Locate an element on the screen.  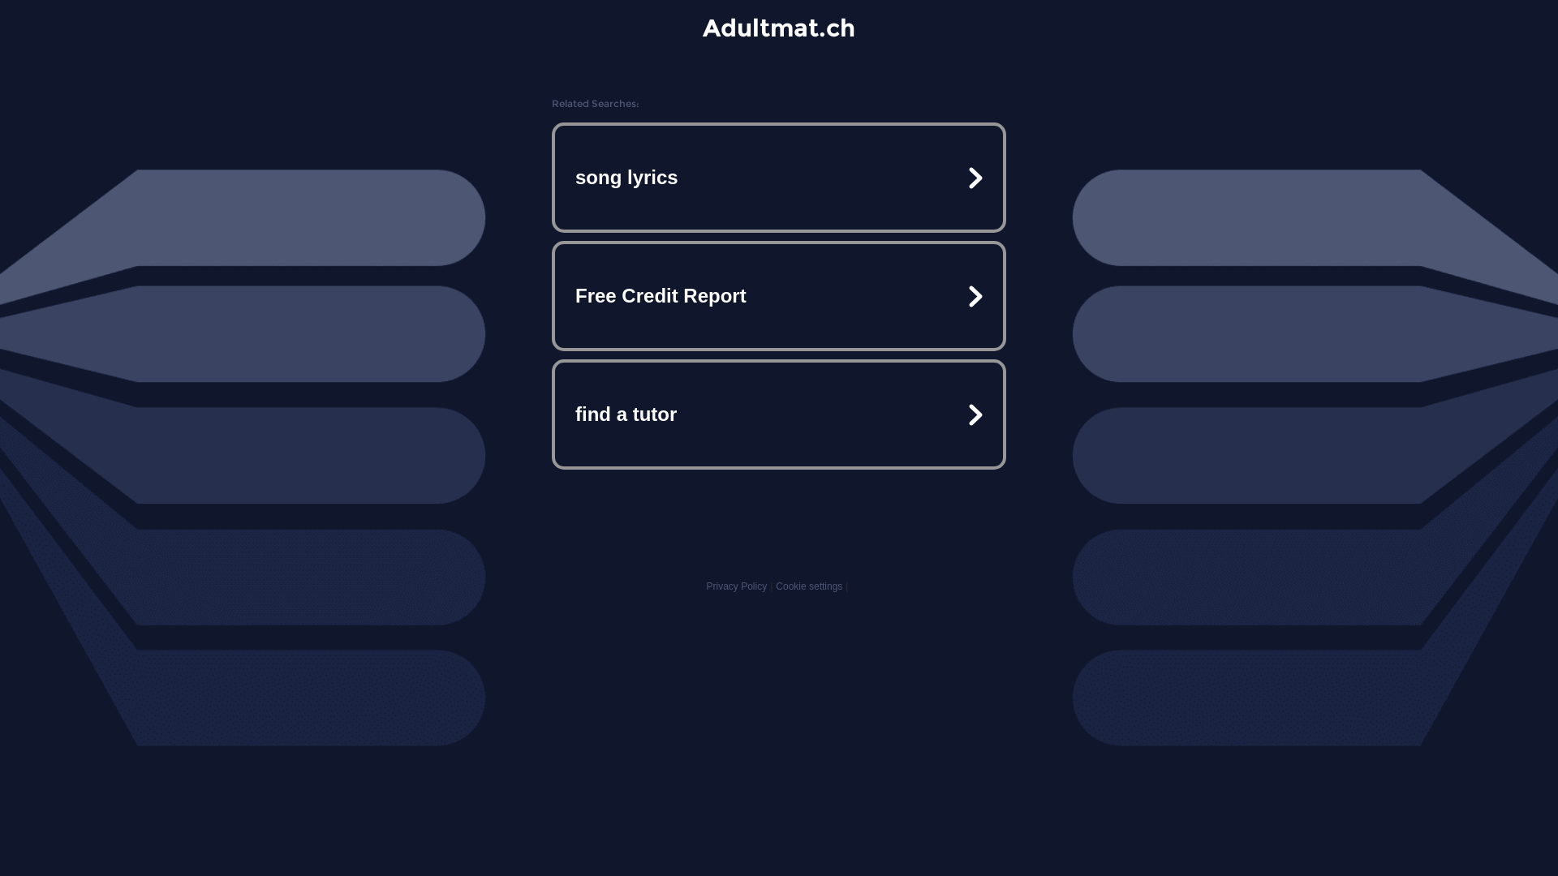
'Cookie settings' is located at coordinates (809, 586).